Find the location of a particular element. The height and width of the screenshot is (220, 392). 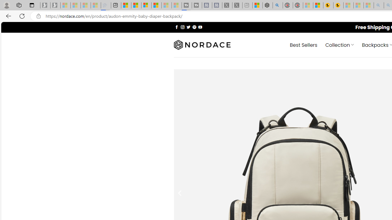

' Best Sellers' is located at coordinates (303, 44).